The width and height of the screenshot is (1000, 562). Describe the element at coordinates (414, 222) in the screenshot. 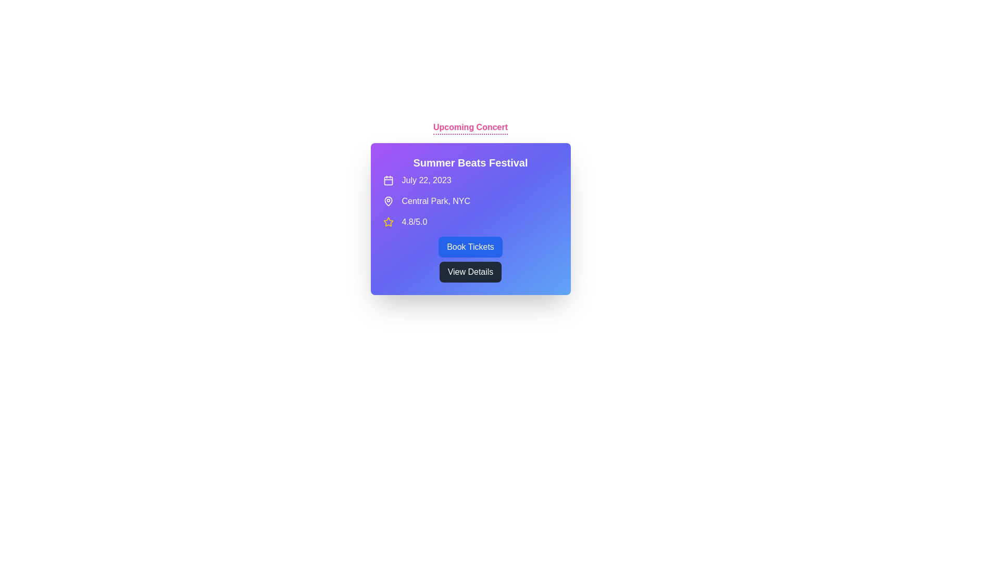

I see `rating displayed as '4.8/5.0' in white font located on a purple-blue gradient background, positioned below a yellow star icon in the lower-left section of the card` at that location.